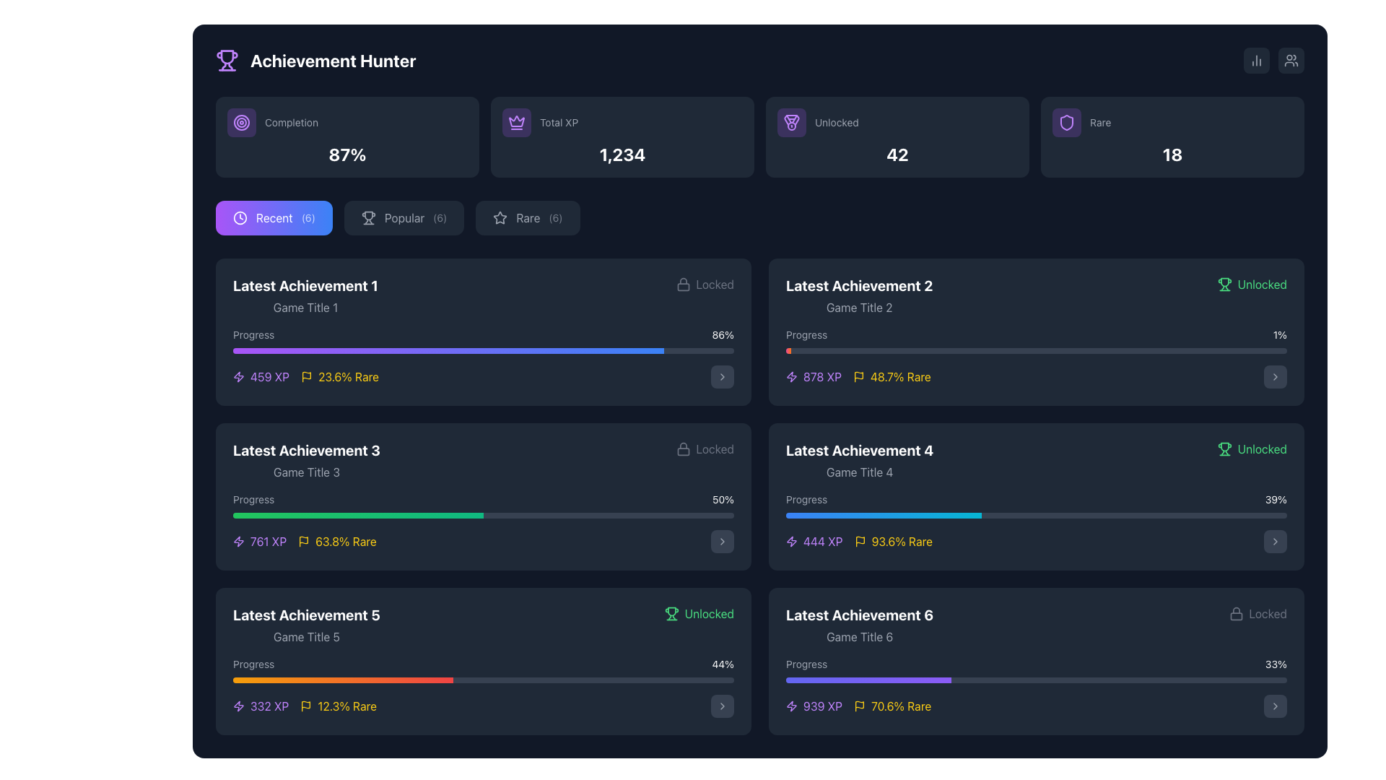 This screenshot has width=1386, height=780. Describe the element at coordinates (239, 706) in the screenshot. I see `the lightning bolt icon styled in purple, indicating 'XP' or experience points, located in the lower-left section of the layout under 'Latest Achievement 5'` at that location.